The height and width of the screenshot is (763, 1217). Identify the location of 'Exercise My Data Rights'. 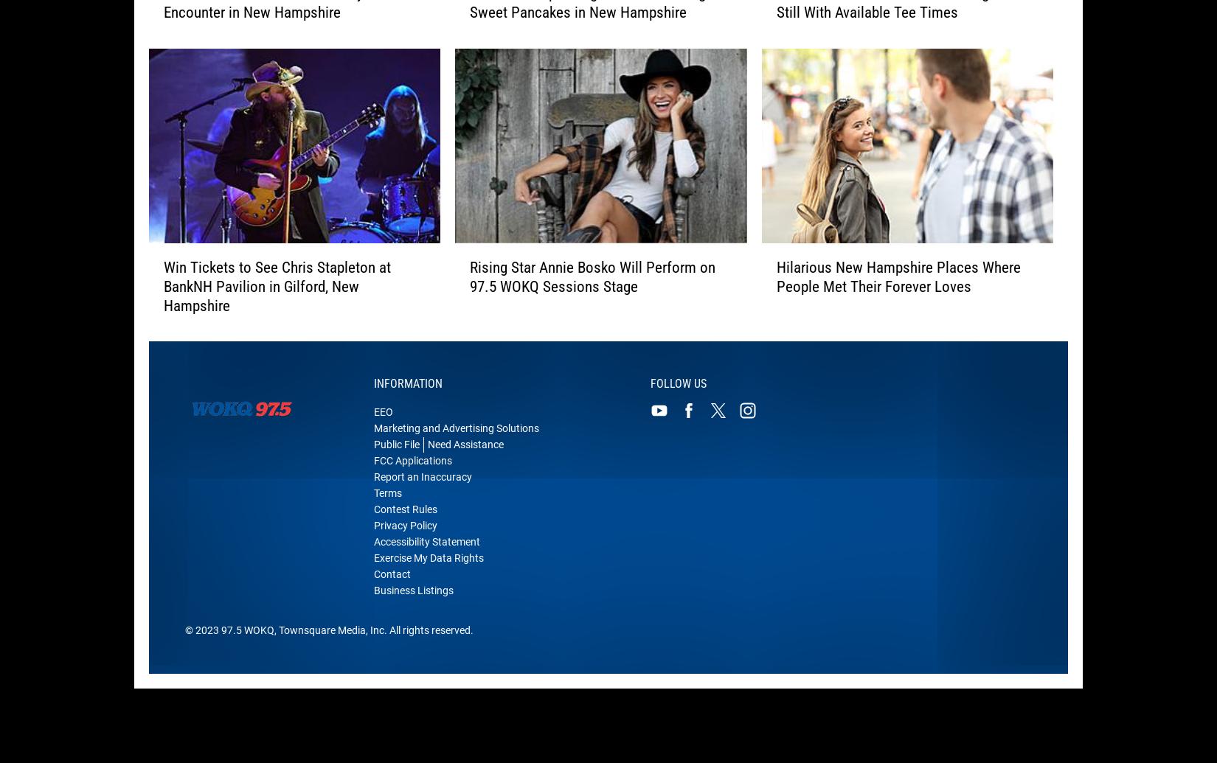
(428, 567).